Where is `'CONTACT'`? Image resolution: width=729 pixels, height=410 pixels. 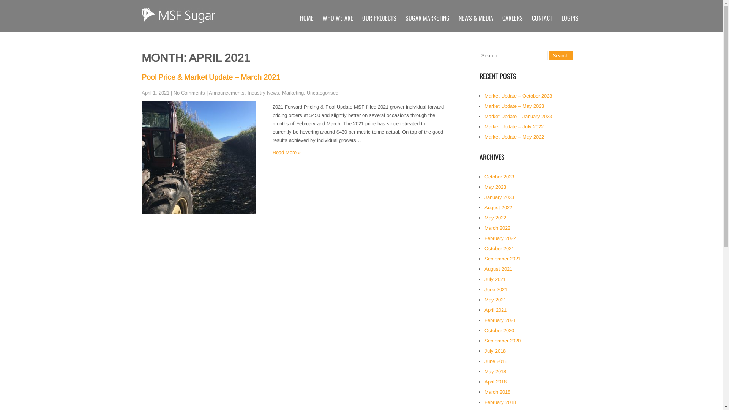 'CONTACT' is located at coordinates (541, 17).